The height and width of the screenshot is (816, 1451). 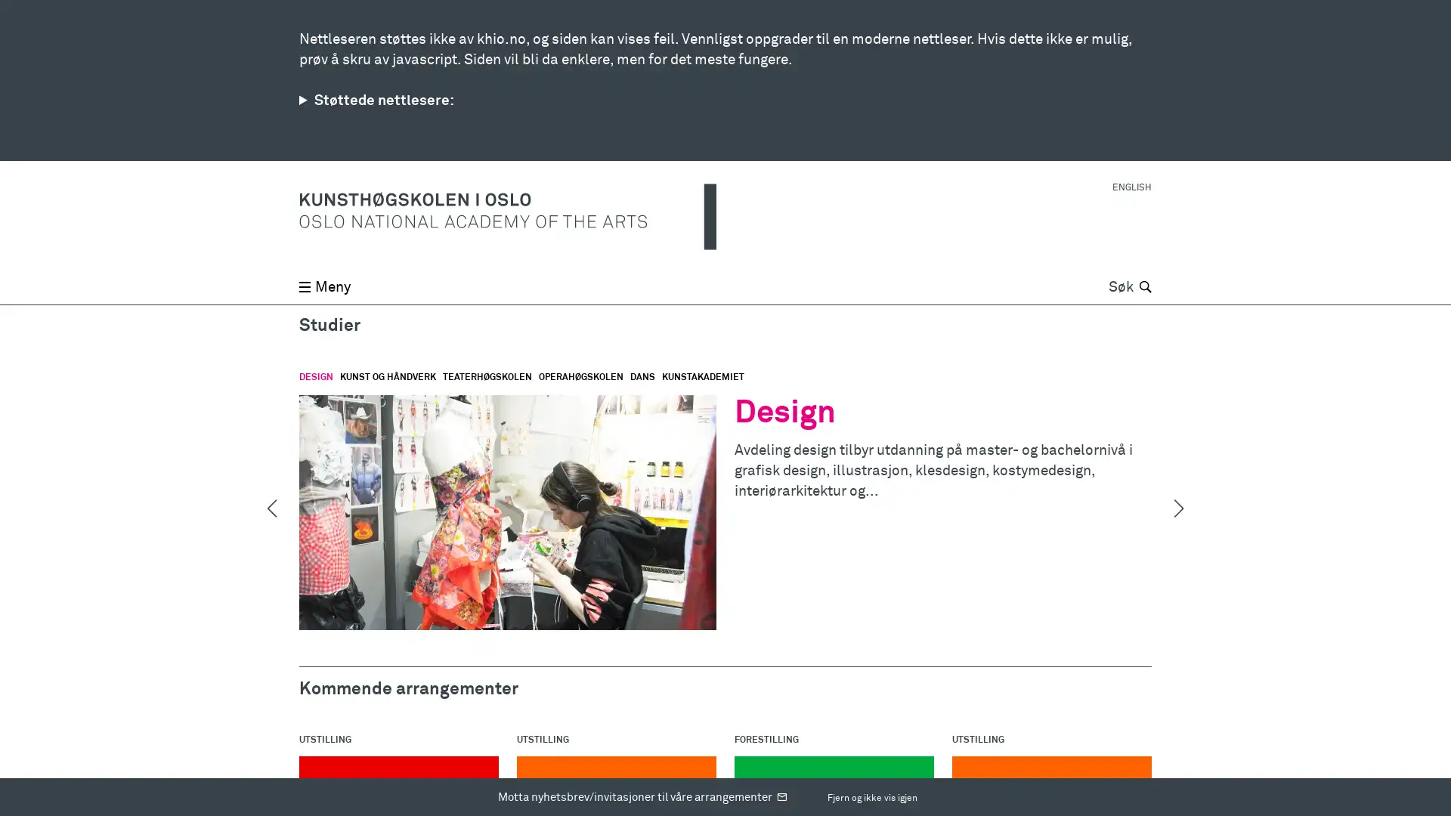 What do you see at coordinates (315, 378) in the screenshot?
I see `DESIGN` at bounding box center [315, 378].